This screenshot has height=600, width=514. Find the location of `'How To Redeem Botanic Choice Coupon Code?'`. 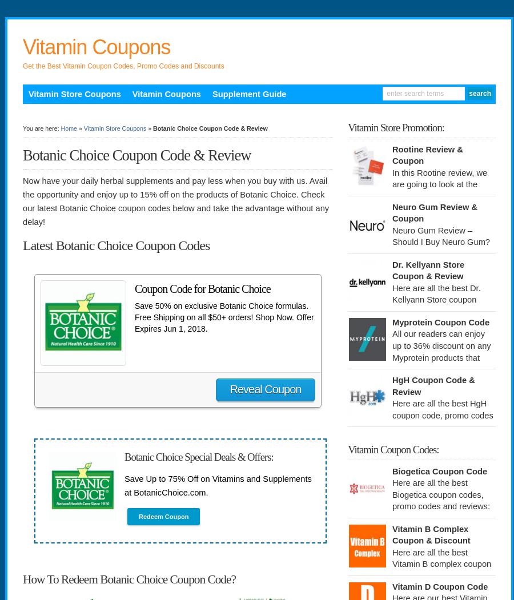

'How To Redeem Botanic Choice Coupon Code?' is located at coordinates (22, 578).